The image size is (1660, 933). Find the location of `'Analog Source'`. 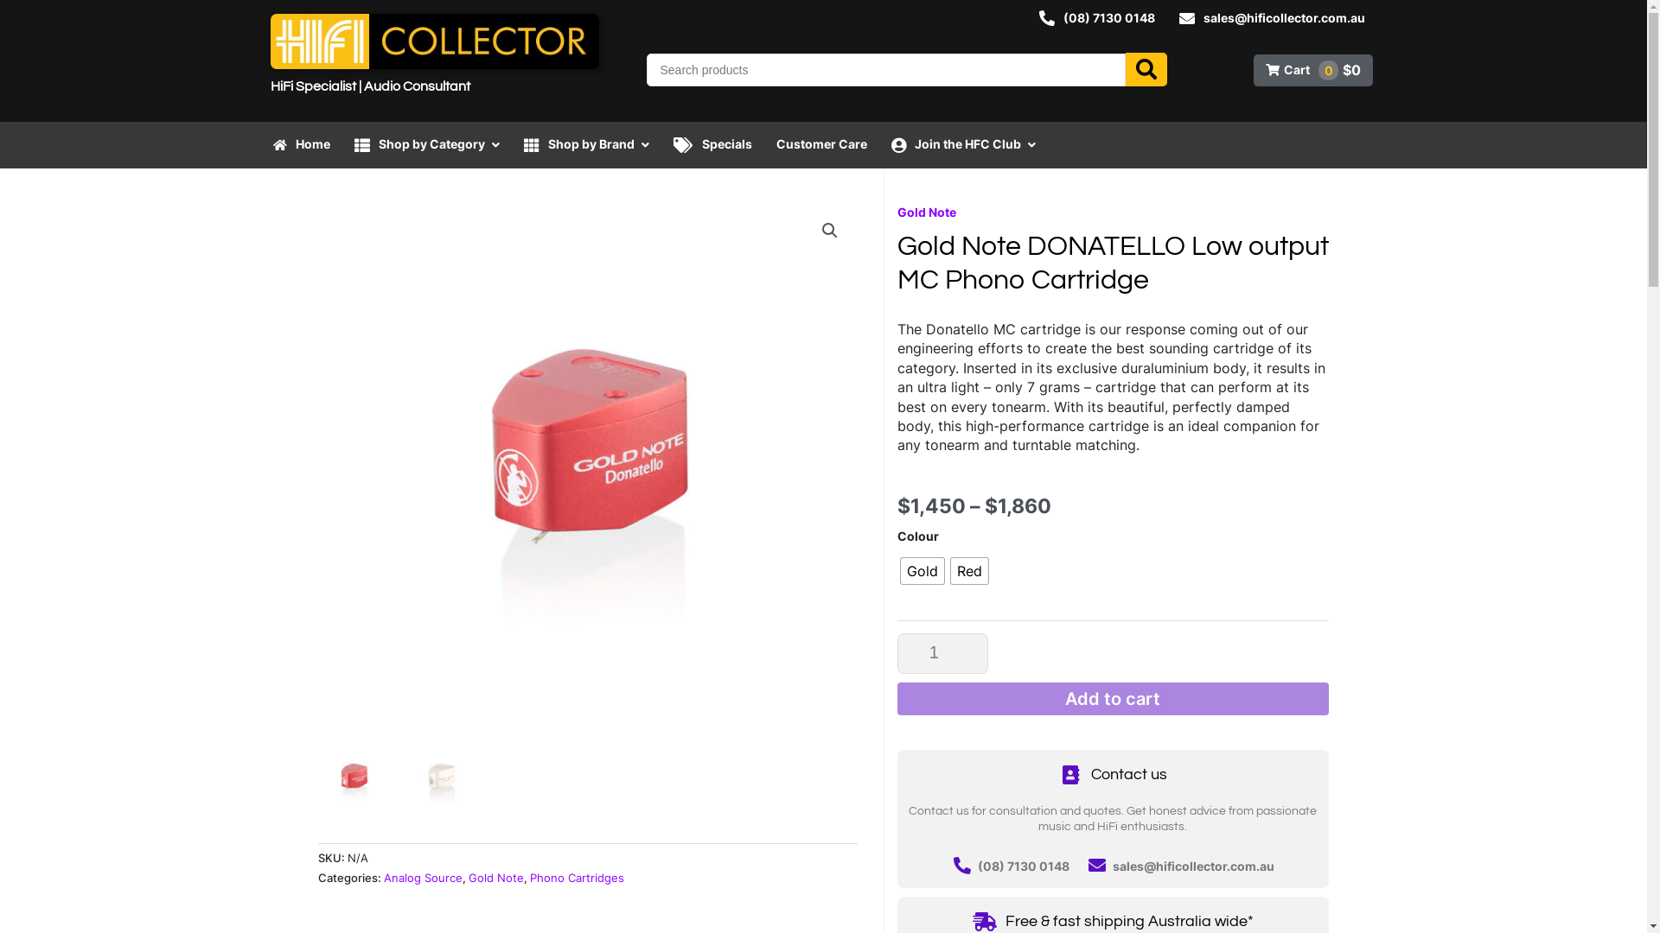

'Analog Source' is located at coordinates (423, 878).